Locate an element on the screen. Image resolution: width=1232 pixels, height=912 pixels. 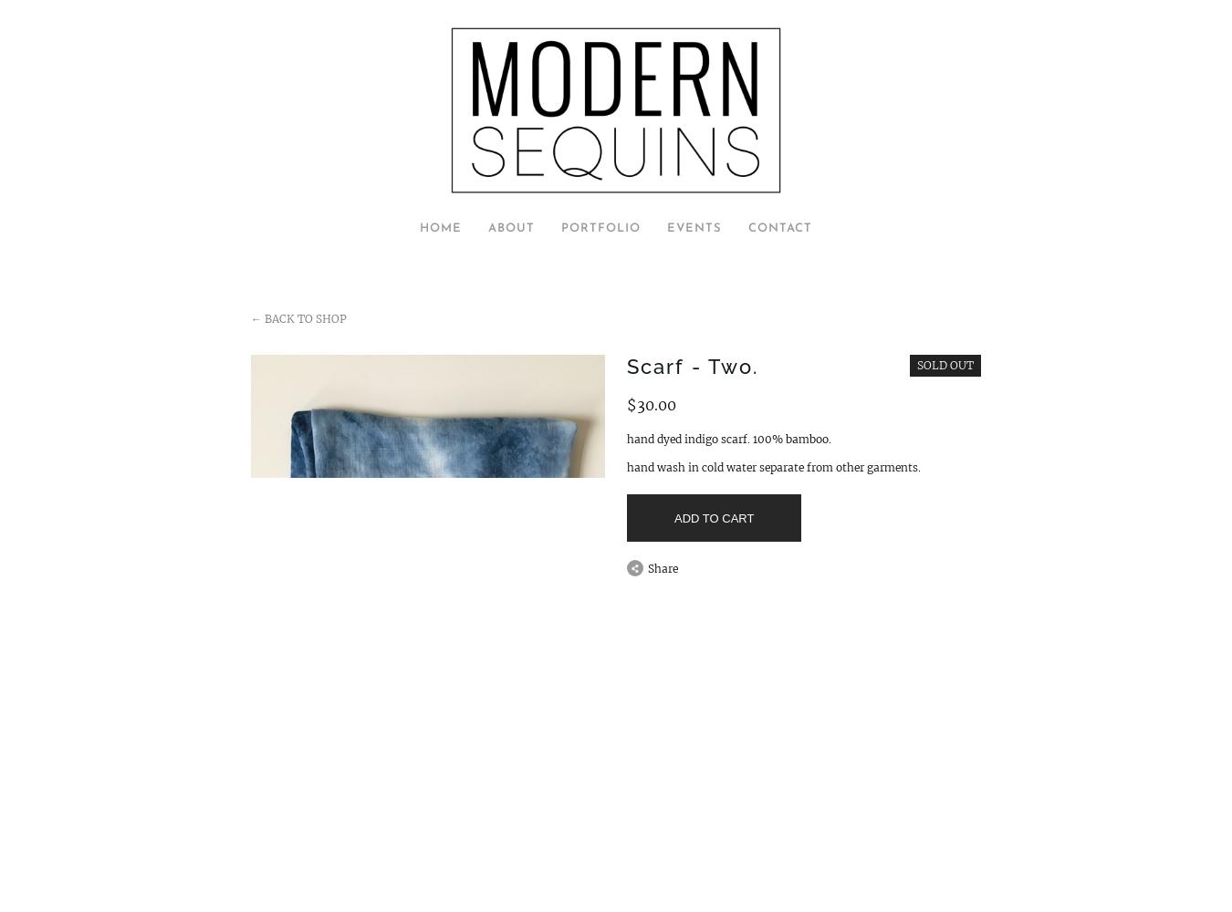
'hand dyed indigo scarf. 100% bamboo.' is located at coordinates (729, 437).